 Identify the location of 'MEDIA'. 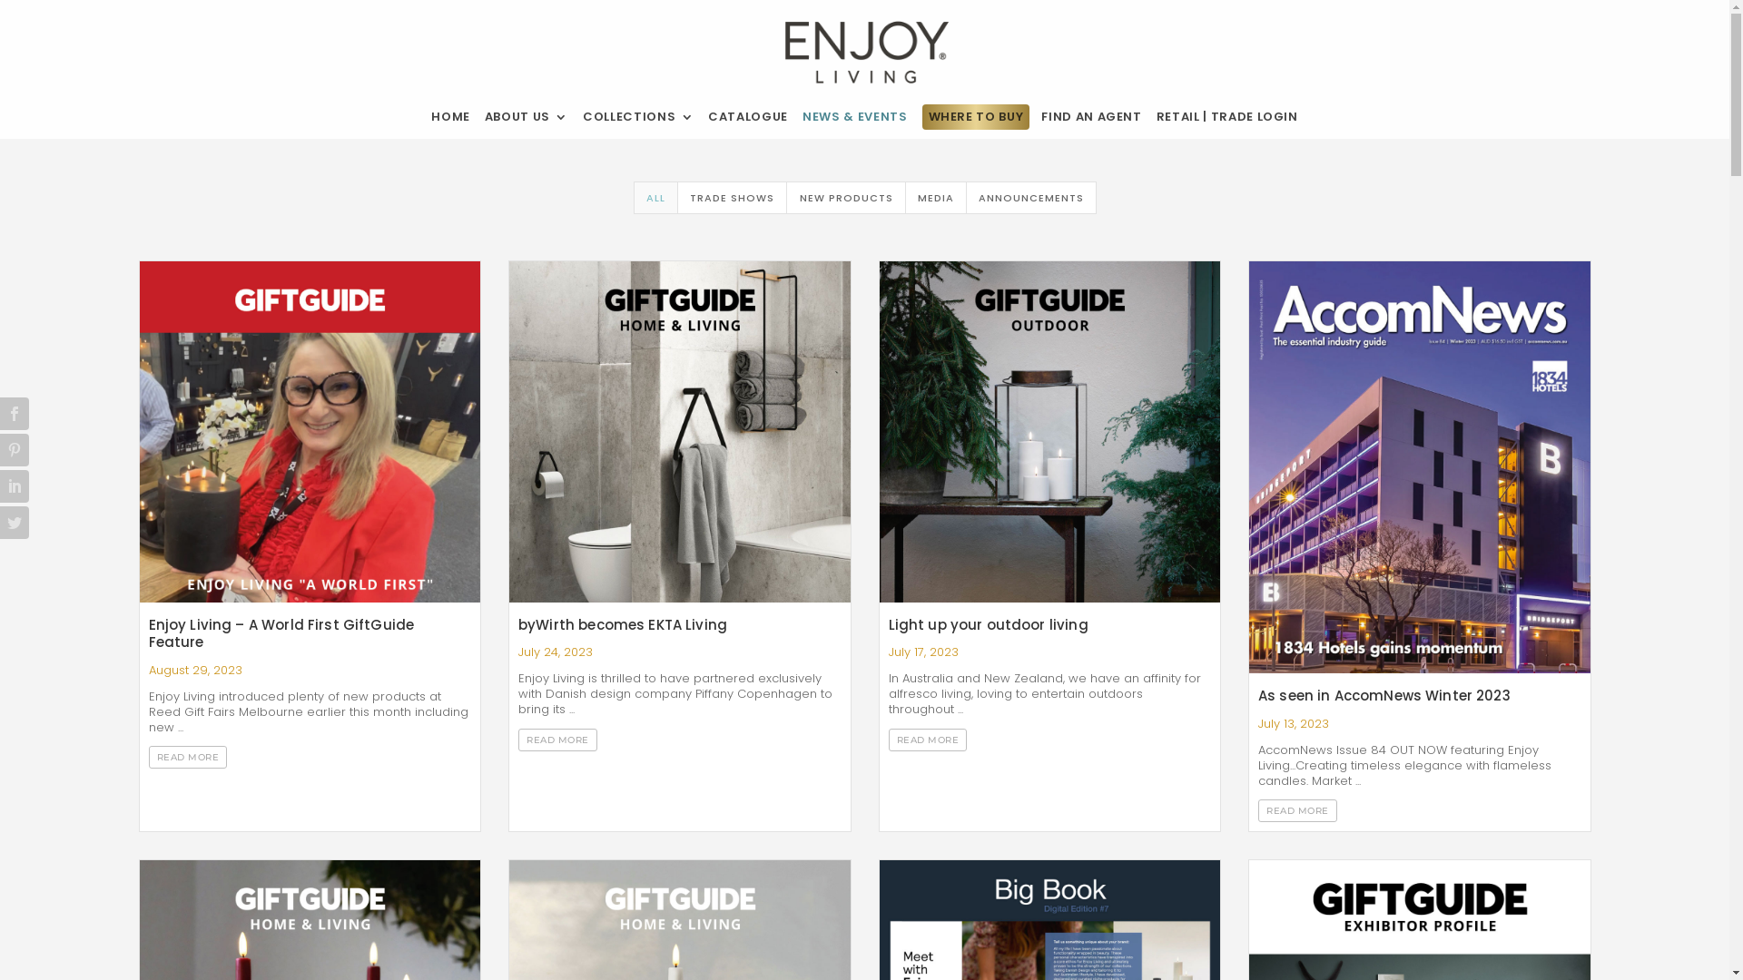
(936, 198).